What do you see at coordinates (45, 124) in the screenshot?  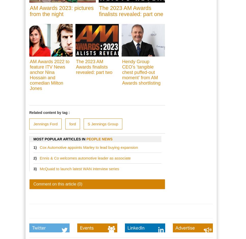 I see `'Jennings Ford'` at bounding box center [45, 124].